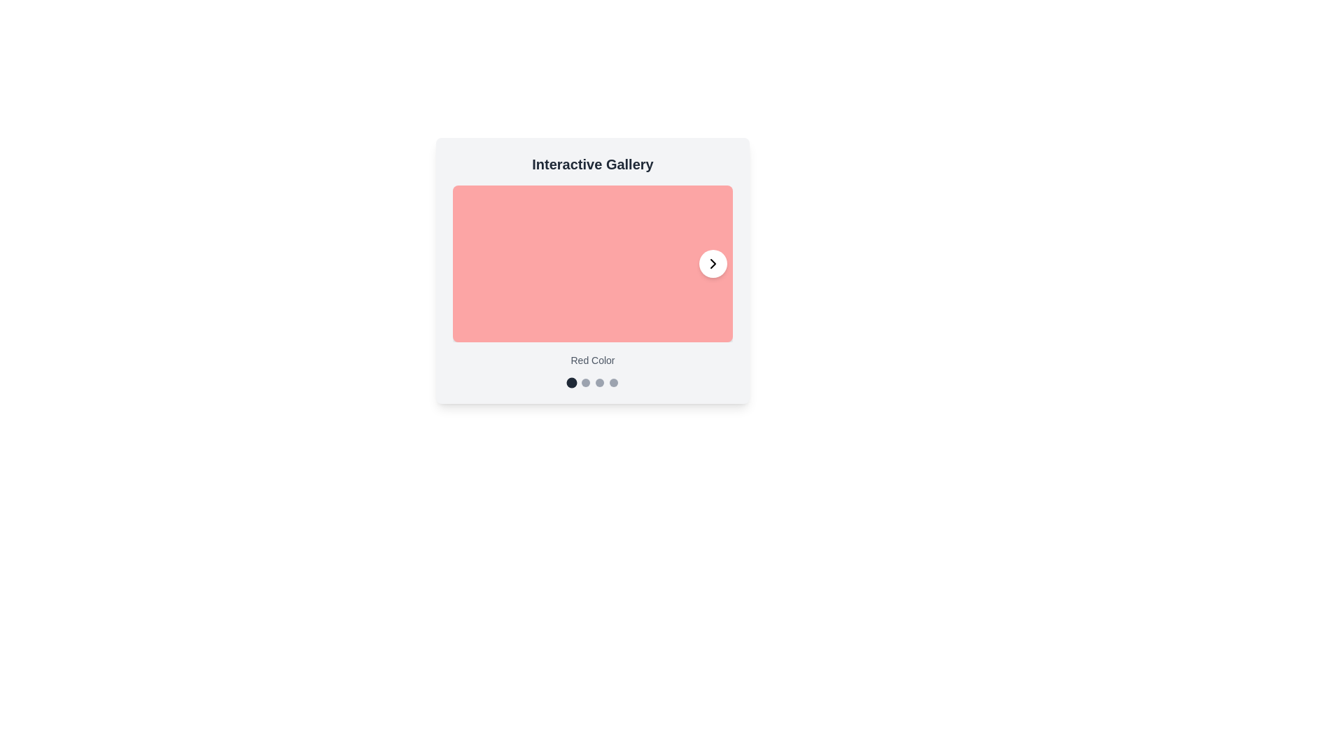 Image resolution: width=1344 pixels, height=756 pixels. What do you see at coordinates (571, 383) in the screenshot?
I see `the small dark circle button` at bounding box center [571, 383].